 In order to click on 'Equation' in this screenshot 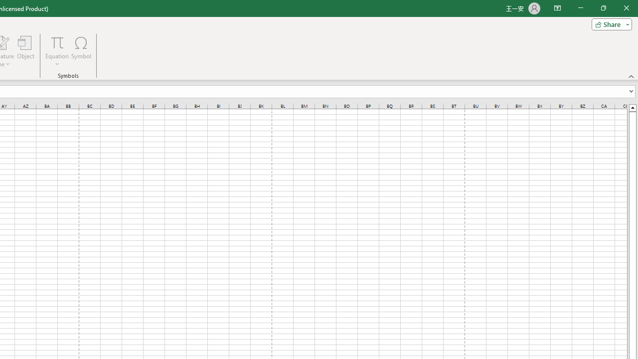, I will do `click(57, 42)`.